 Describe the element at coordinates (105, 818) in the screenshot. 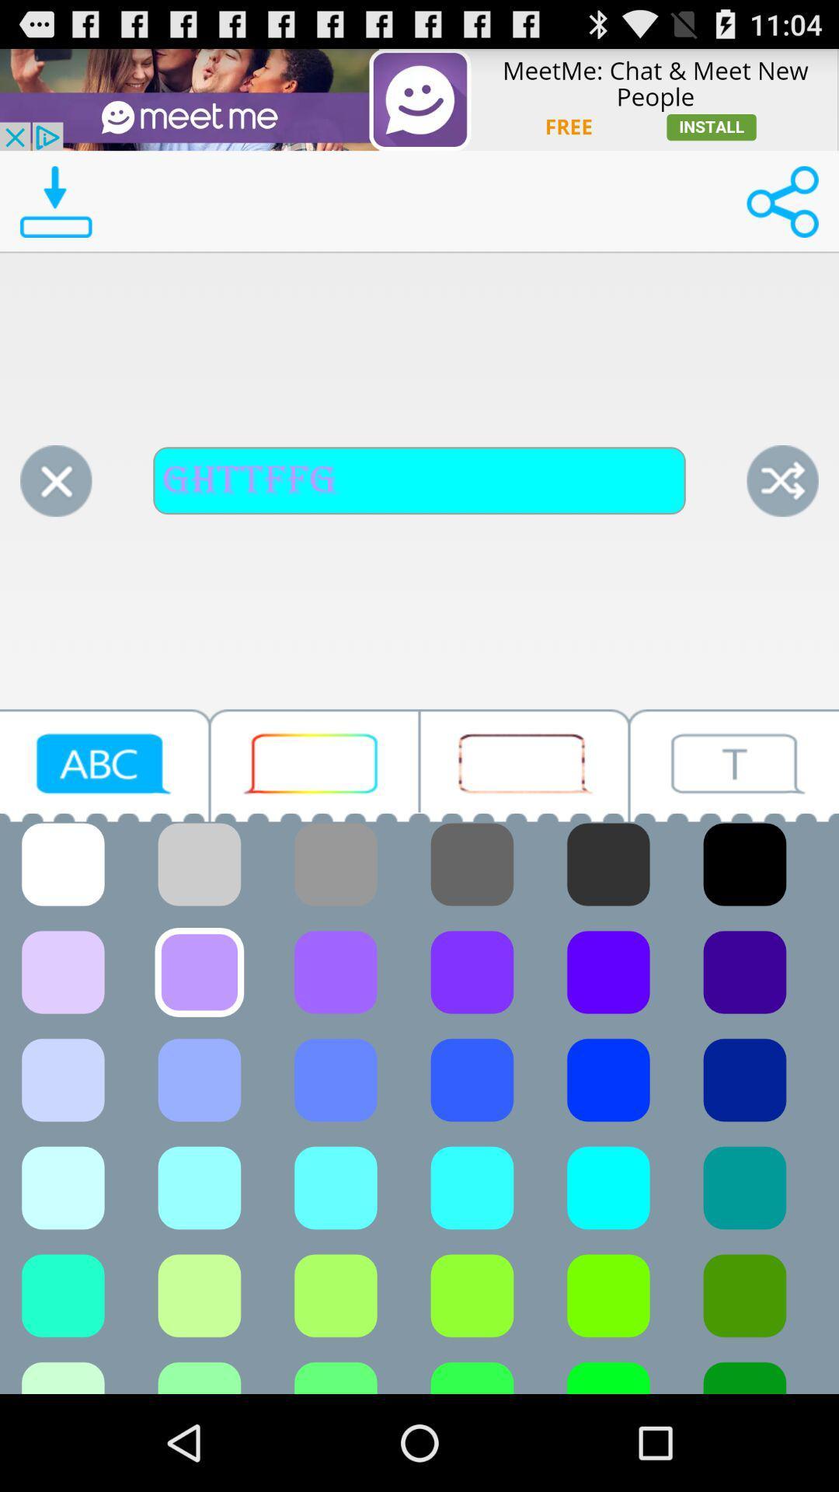

I see `the videocam icon` at that location.